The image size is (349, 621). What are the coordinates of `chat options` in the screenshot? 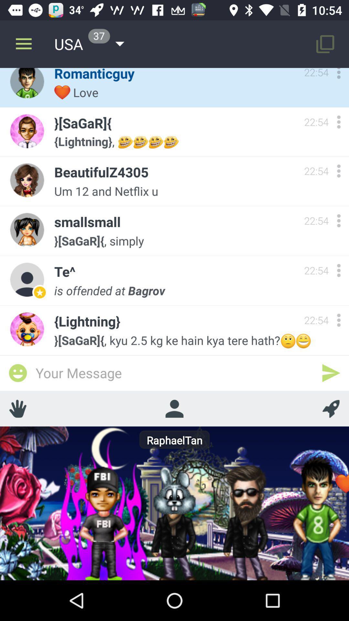 It's located at (338, 75).